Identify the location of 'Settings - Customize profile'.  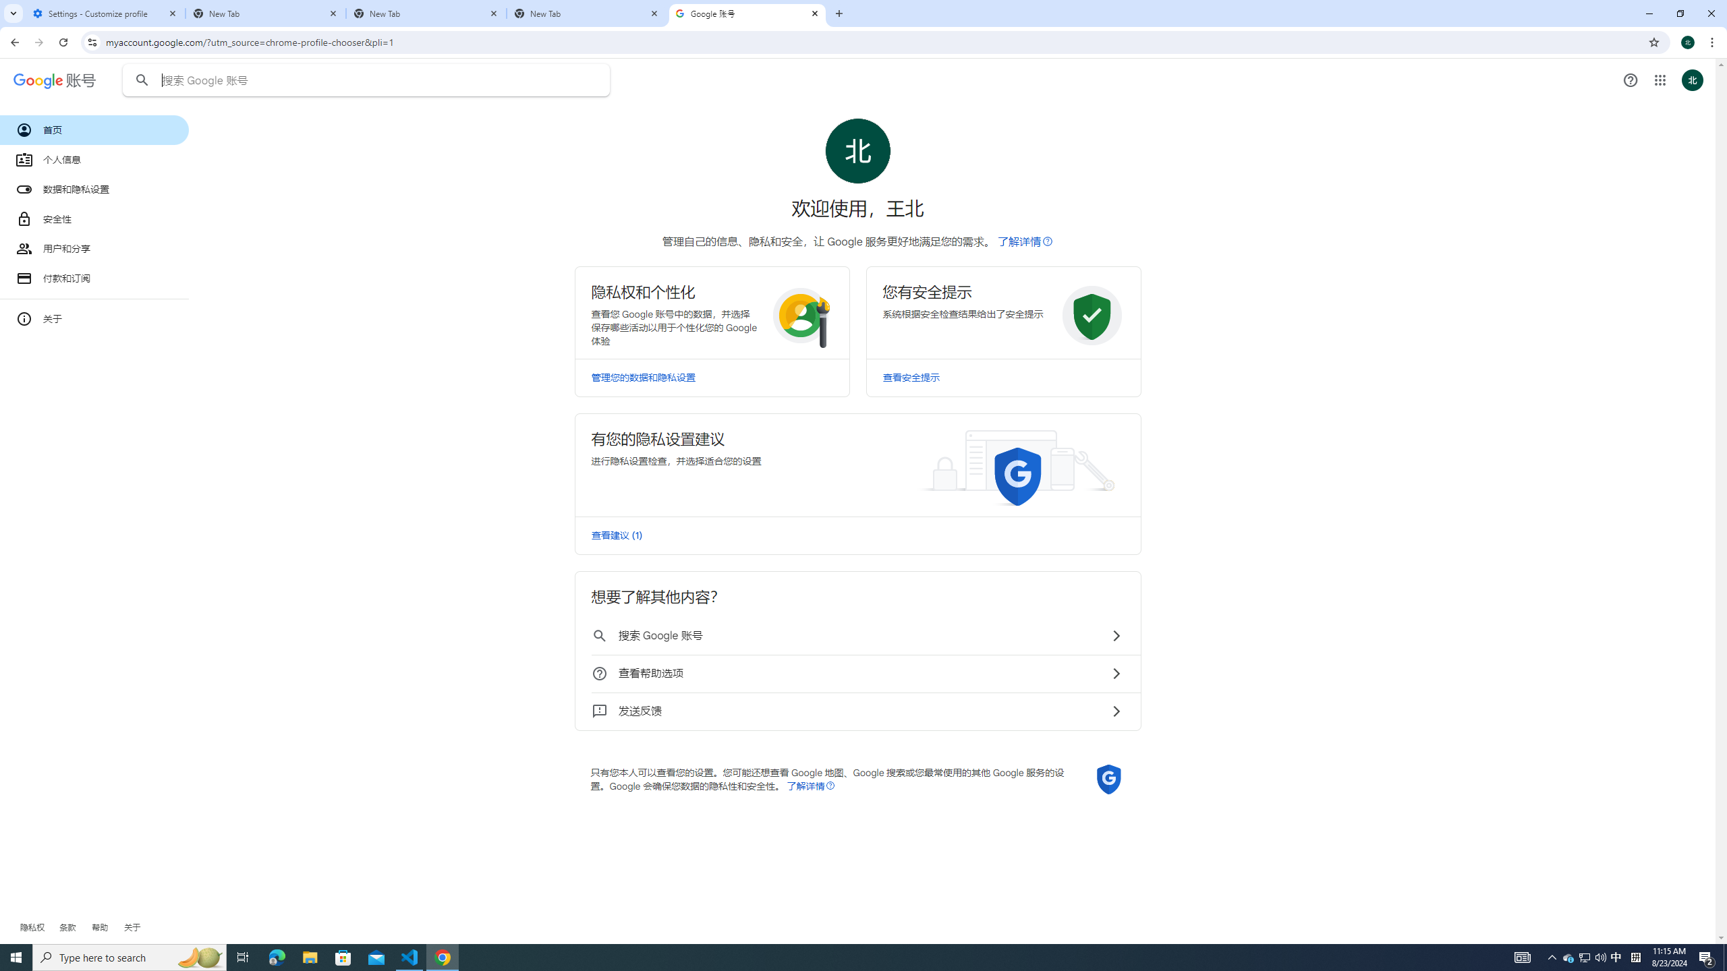
(105, 13).